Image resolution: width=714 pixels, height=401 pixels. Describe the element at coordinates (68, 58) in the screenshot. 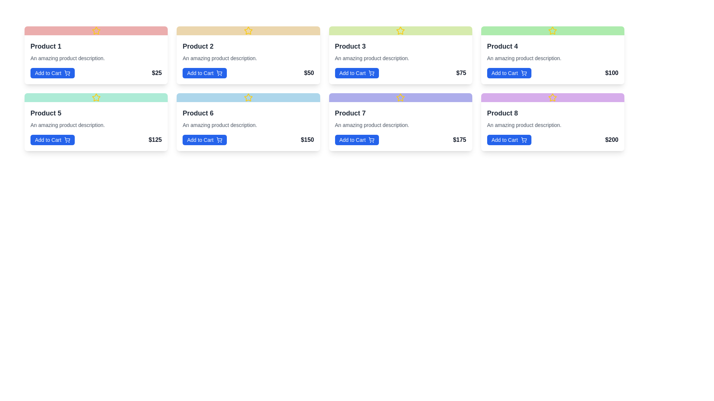

I see `text block element containing 'An amazing product description.' located below the title 'Product 1'` at that location.